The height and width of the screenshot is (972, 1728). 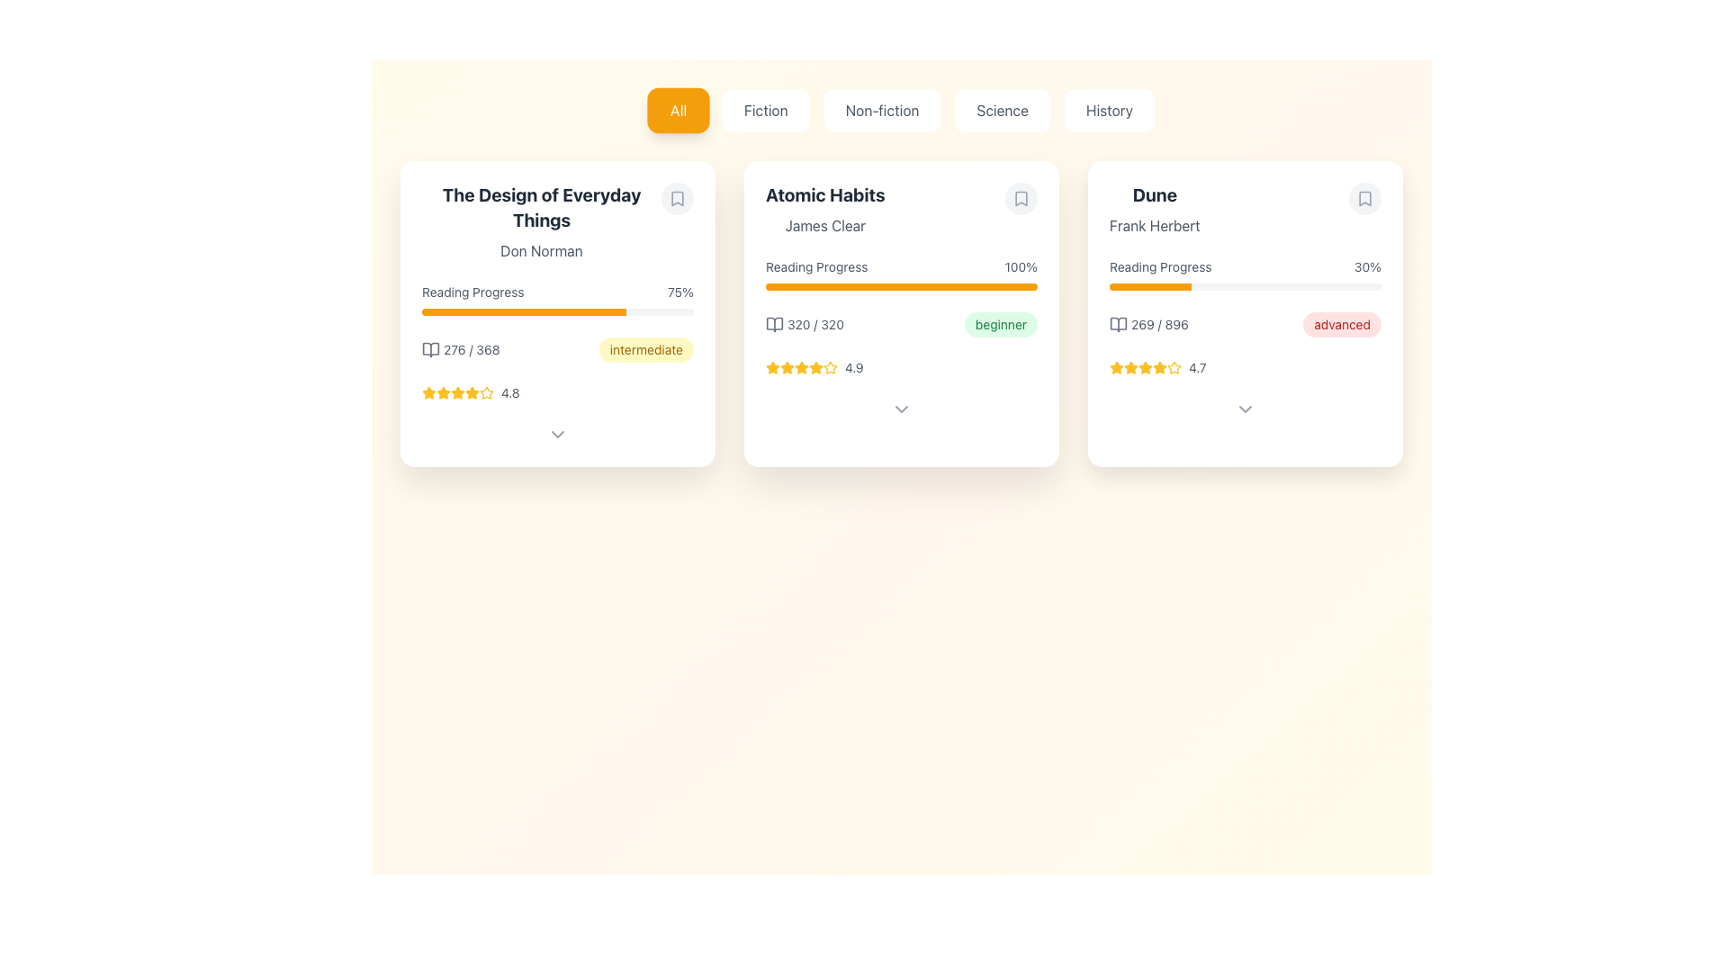 I want to click on the third star in the rating indicator for the book 'Dune' by Frank Herbert to visually understand its representation, so click(x=1116, y=366).